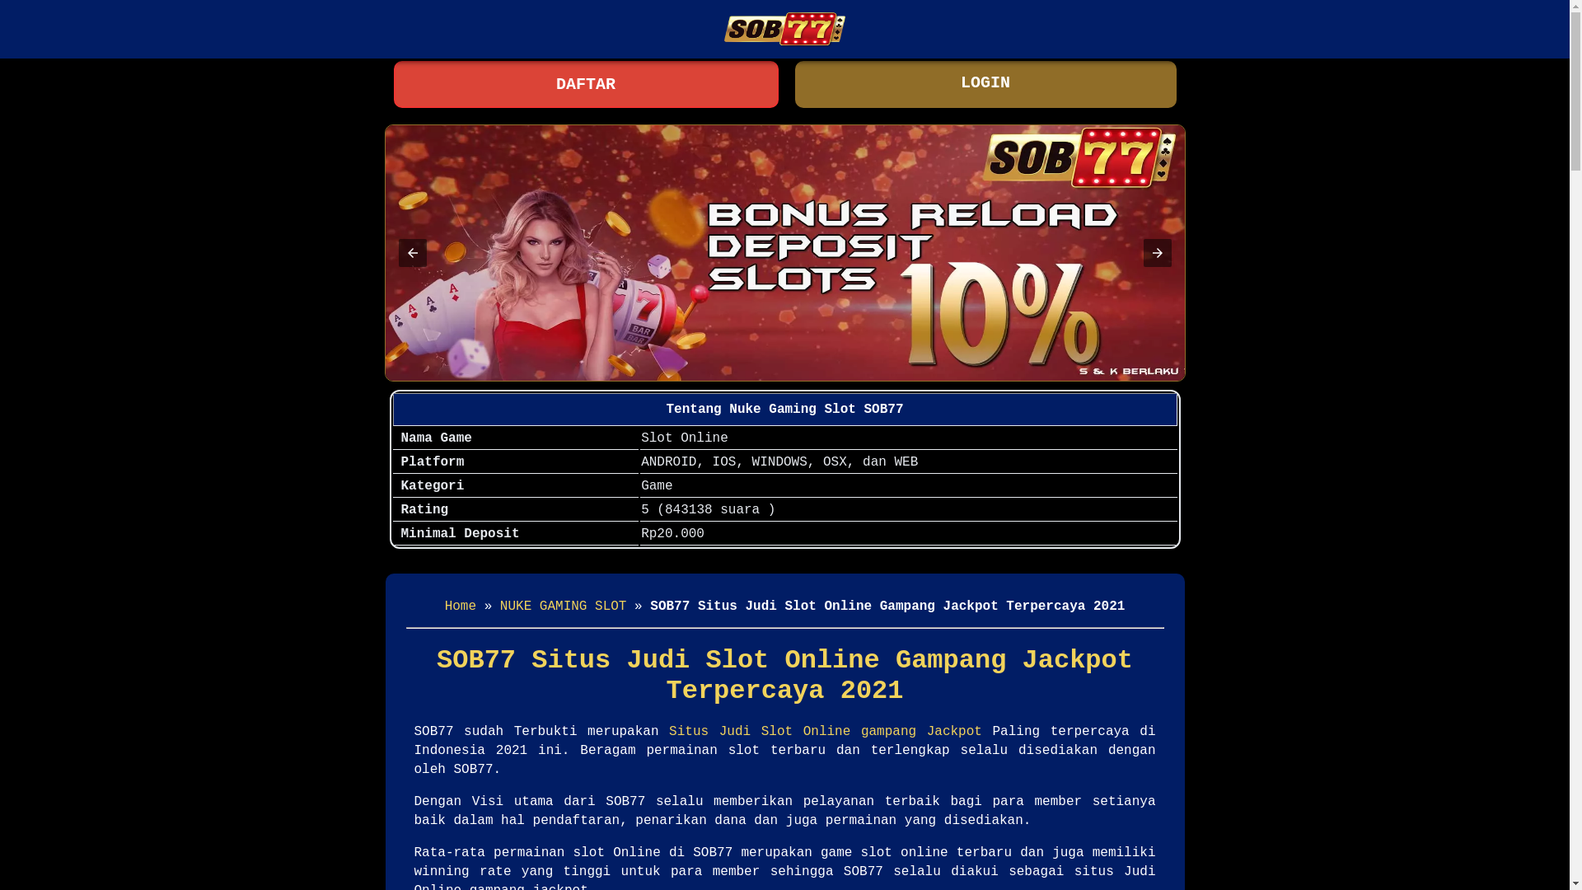  Describe the element at coordinates (826, 730) in the screenshot. I see `'Situs Judi Slot Online gampang Jackpot'` at that location.